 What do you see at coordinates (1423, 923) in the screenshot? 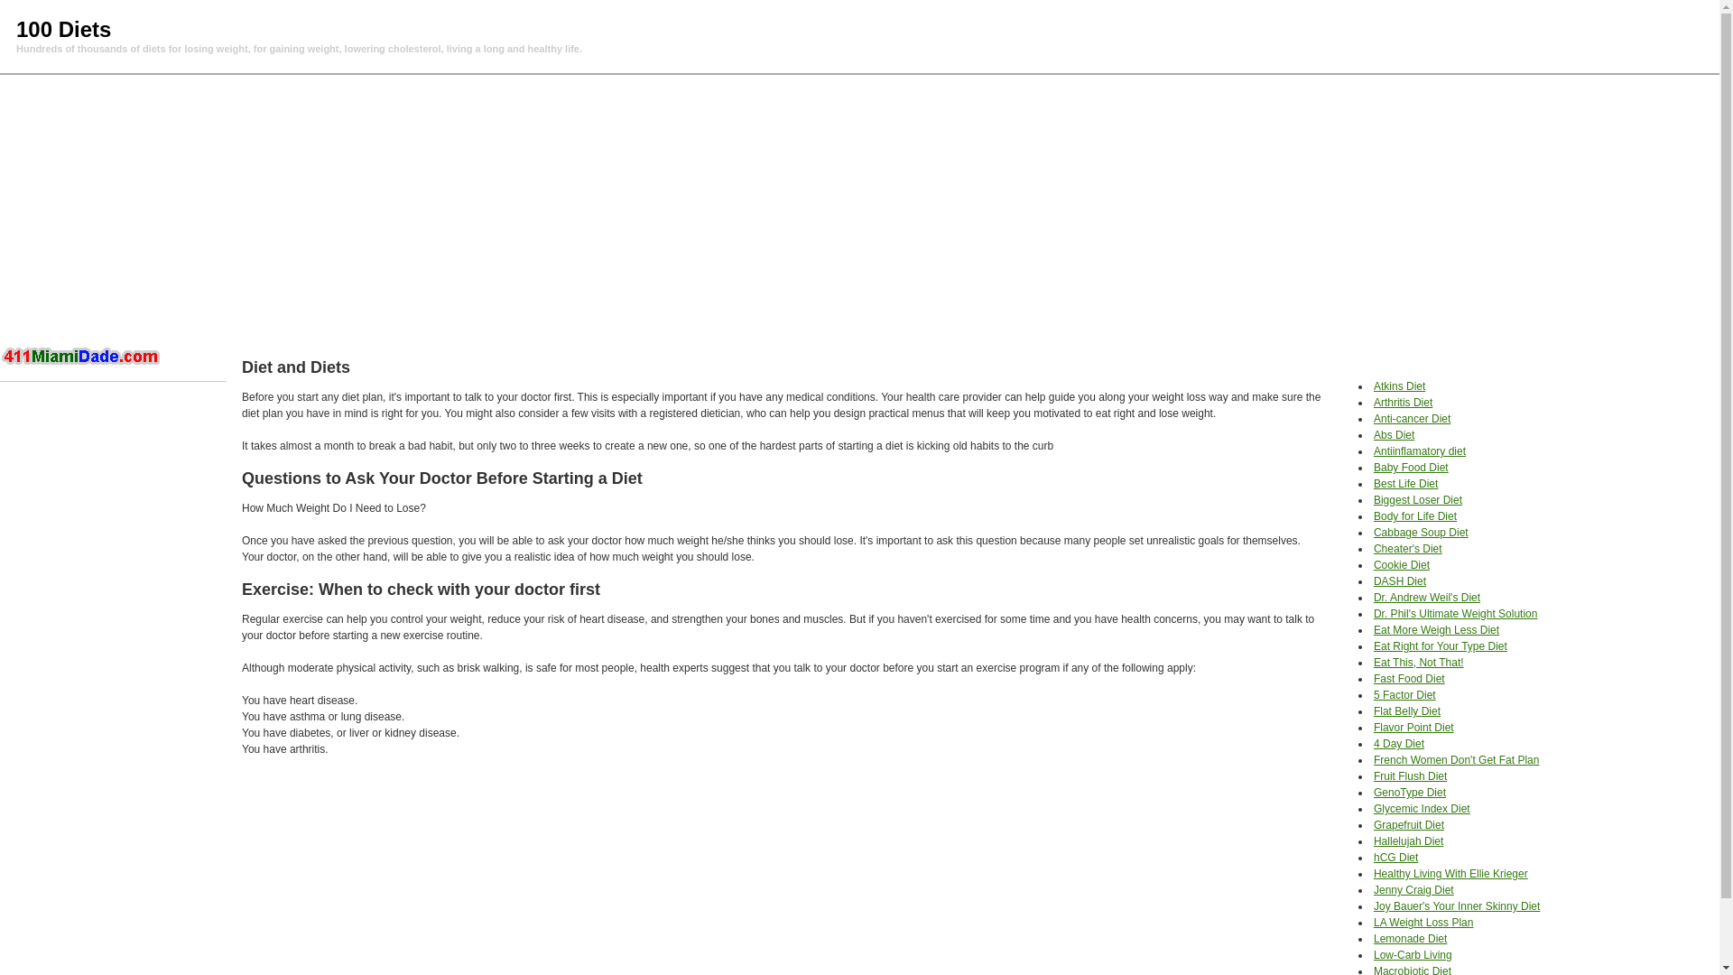
I see `'LA Weight Loss Plan'` at bounding box center [1423, 923].